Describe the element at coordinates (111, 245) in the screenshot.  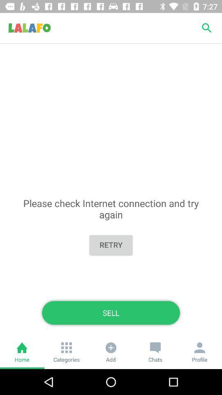
I see `the icon above the sell` at that location.